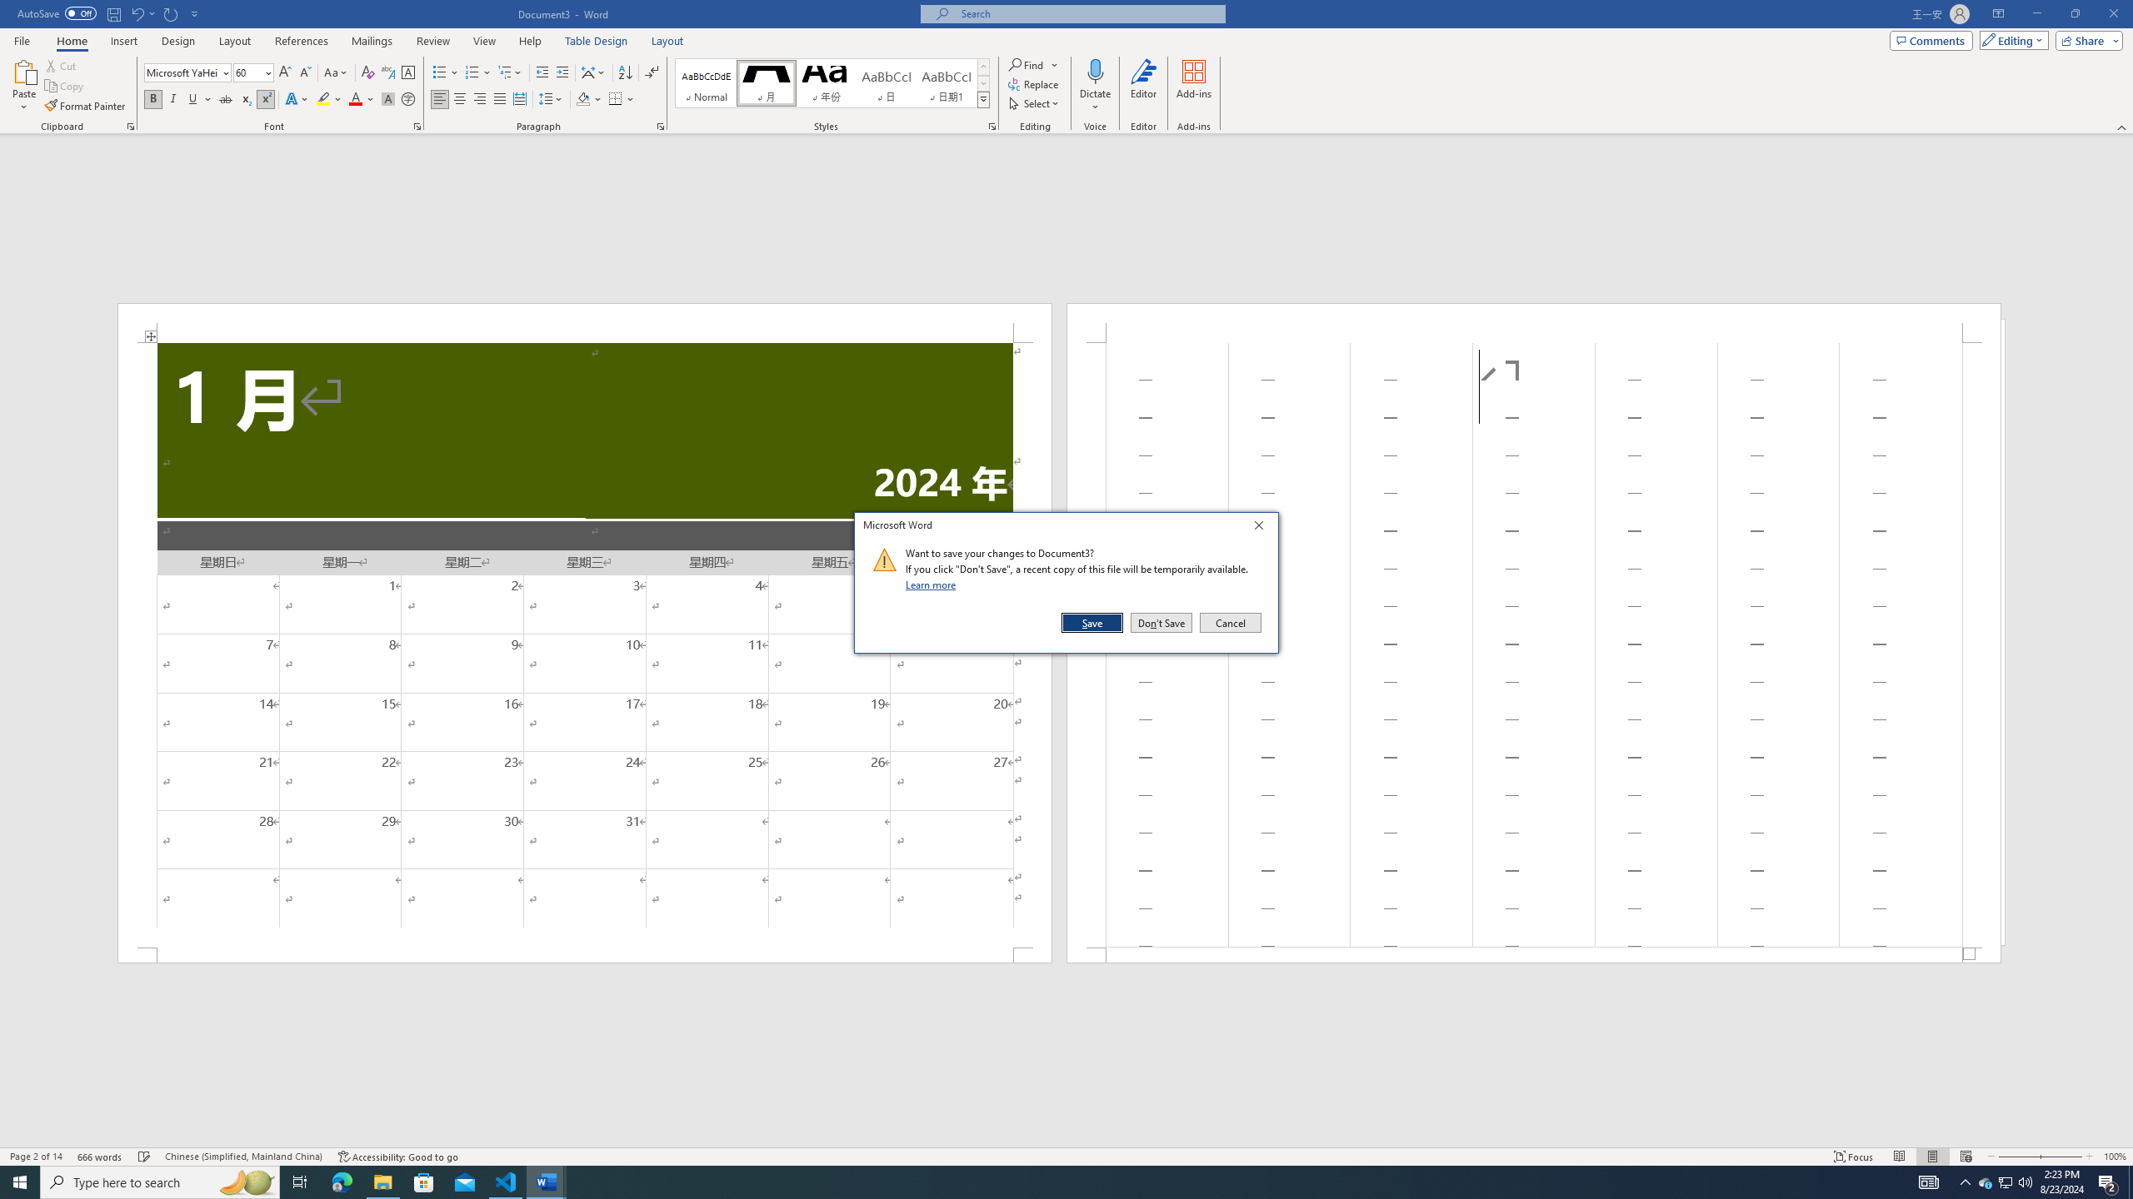 This screenshot has width=2133, height=1199. Describe the element at coordinates (1086, 13) in the screenshot. I see `'Microsoft search'` at that location.